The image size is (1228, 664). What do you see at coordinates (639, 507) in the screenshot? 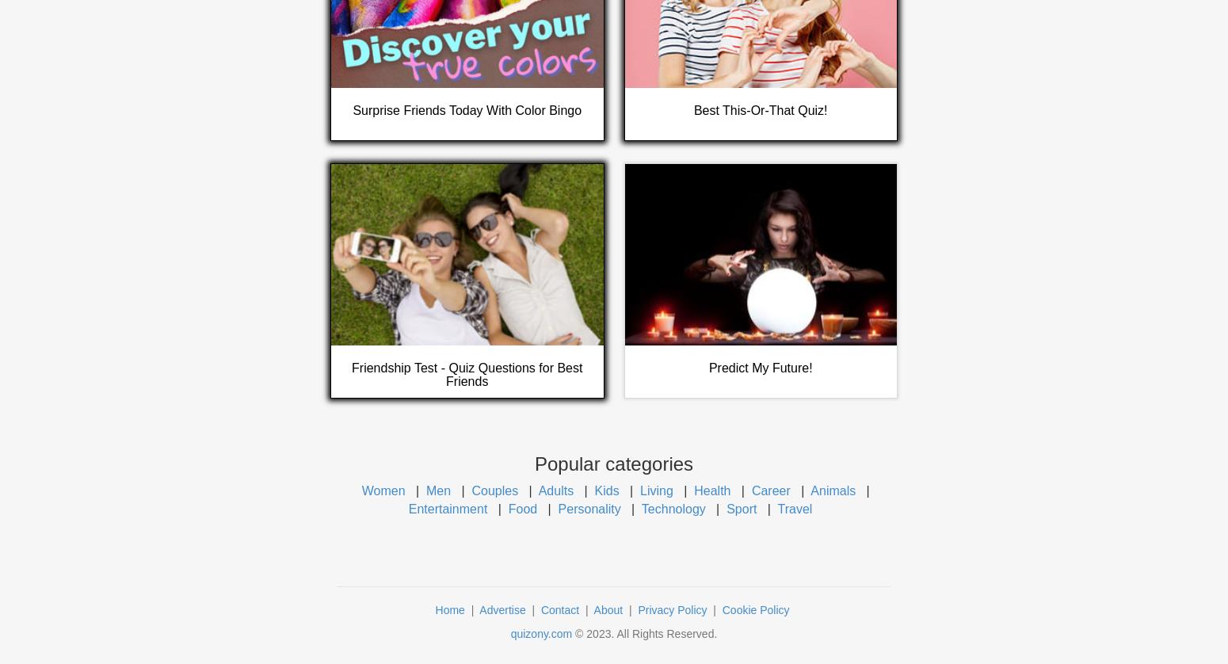
I see `'Technology'` at bounding box center [639, 507].